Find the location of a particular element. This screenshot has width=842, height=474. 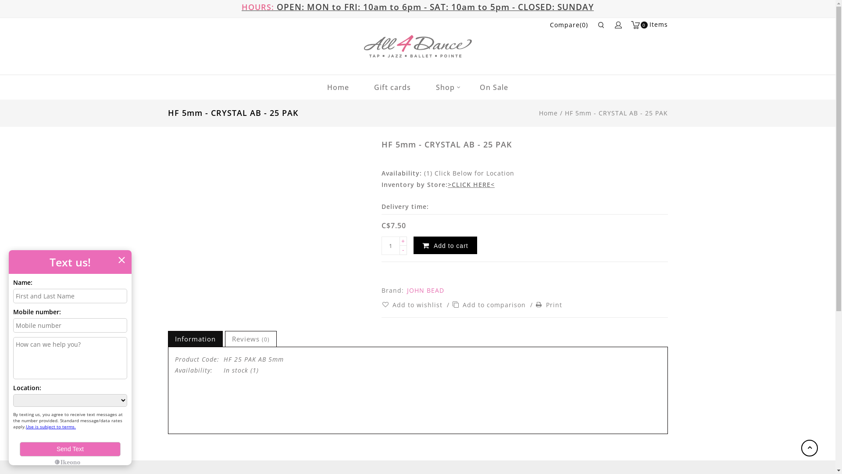

'Add to comparison' is located at coordinates (452, 304).